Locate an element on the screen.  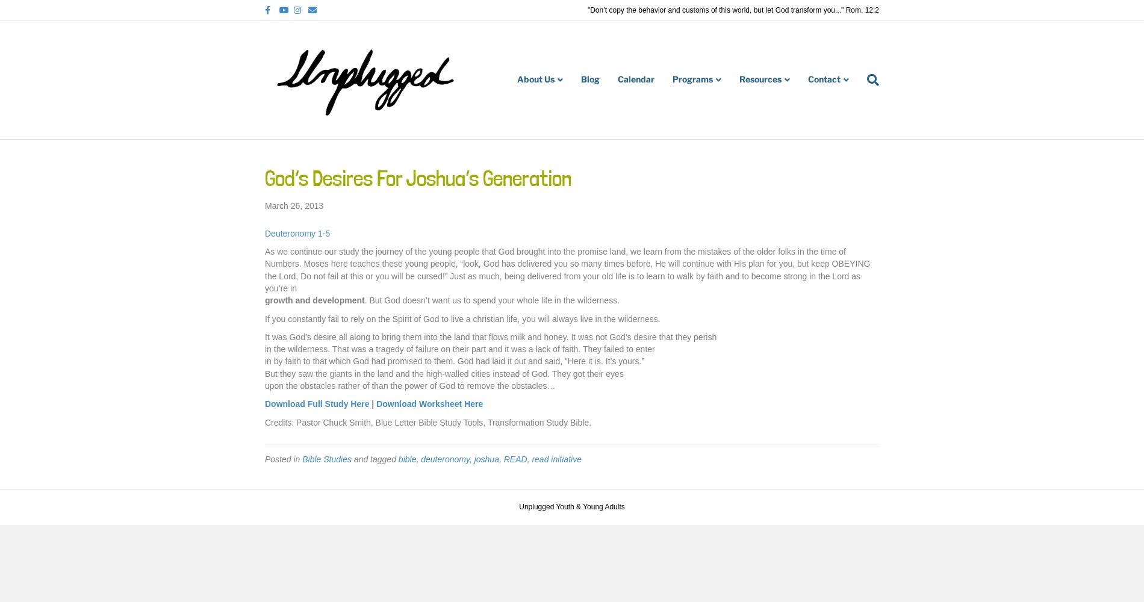
'Unplugged Youth & Young Adults' is located at coordinates (518, 506).